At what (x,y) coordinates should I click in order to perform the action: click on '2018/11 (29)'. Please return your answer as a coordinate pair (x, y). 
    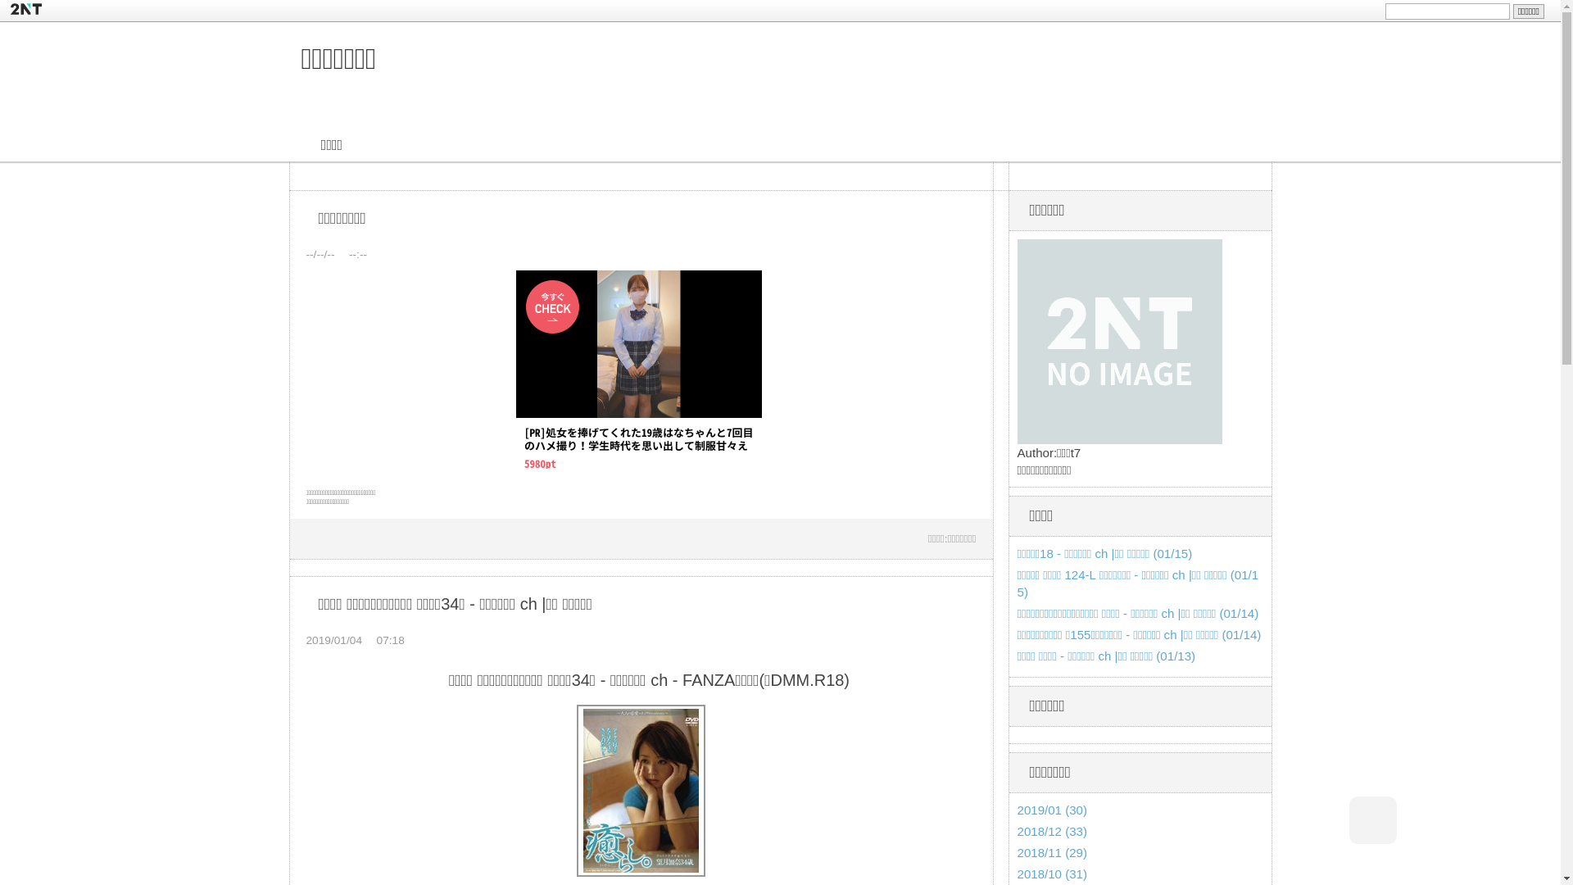
    Looking at the image, I should click on (1053, 851).